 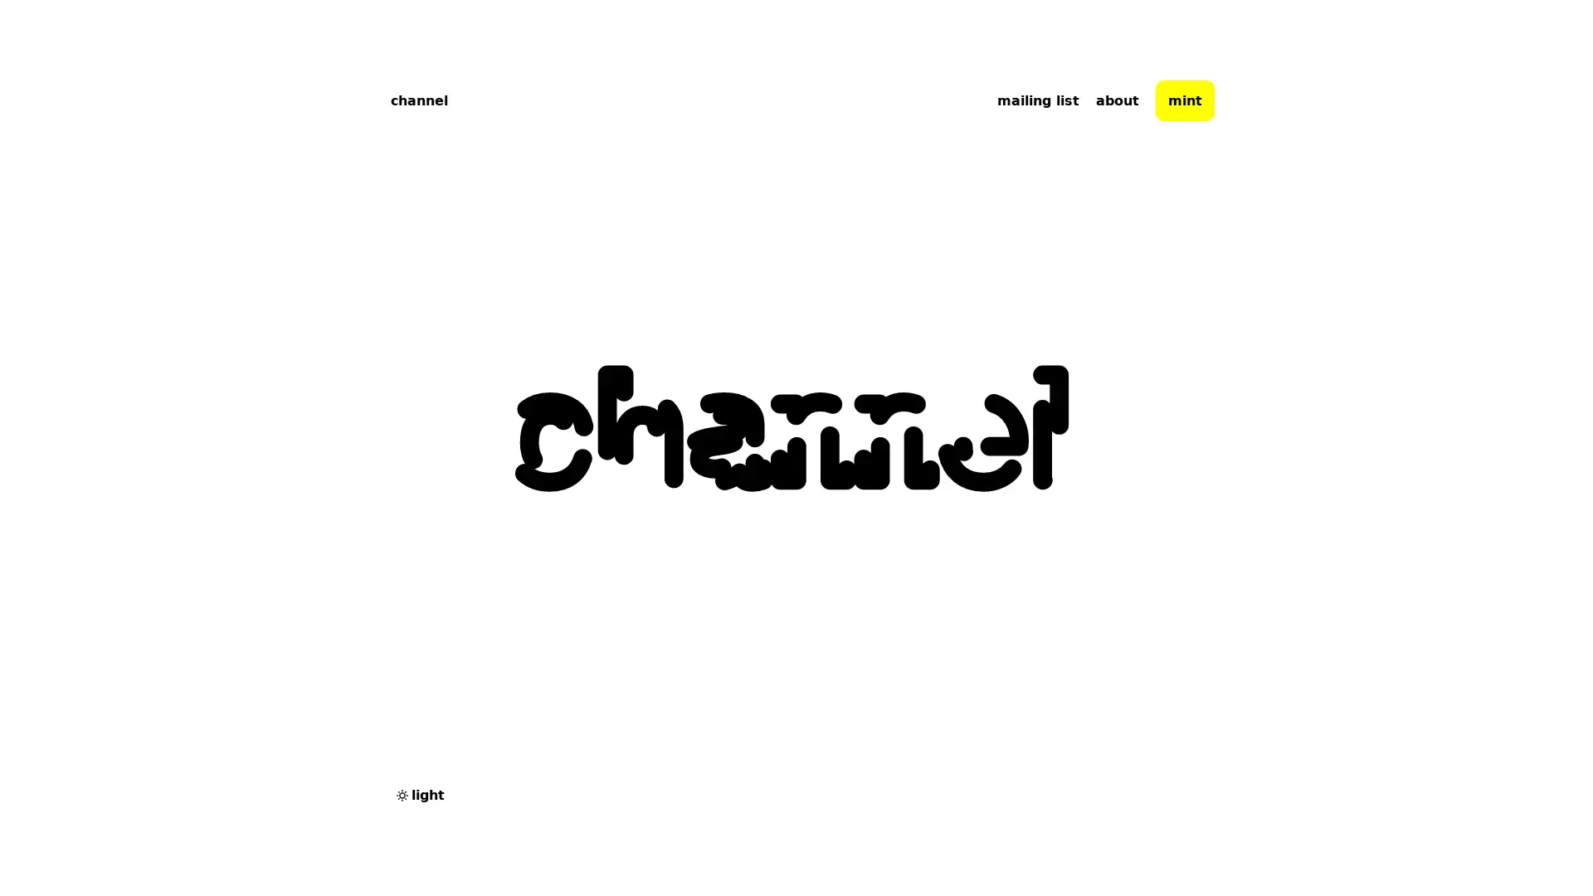 I want to click on mailing list, so click(x=1037, y=100).